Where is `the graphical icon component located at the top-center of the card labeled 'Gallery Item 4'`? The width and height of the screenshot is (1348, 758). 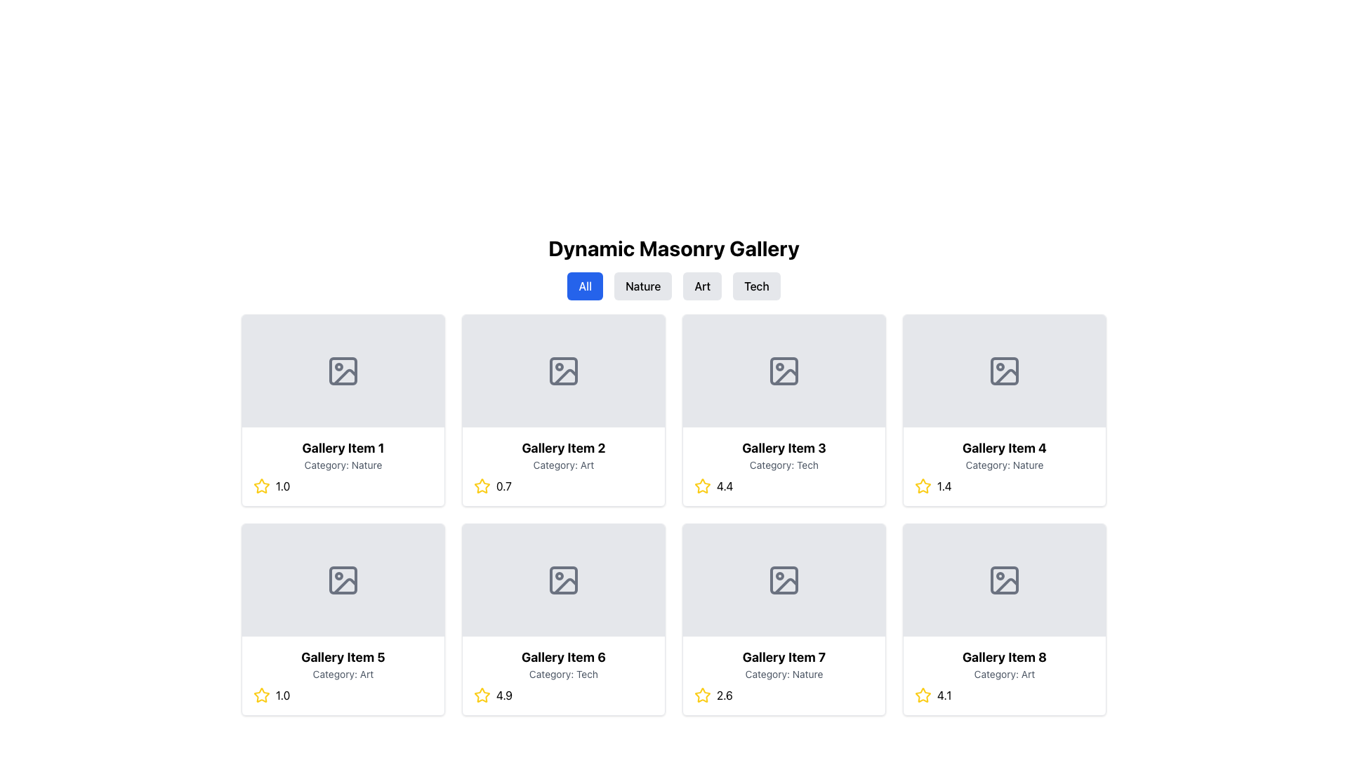 the graphical icon component located at the top-center of the card labeled 'Gallery Item 4' is located at coordinates (1003, 370).